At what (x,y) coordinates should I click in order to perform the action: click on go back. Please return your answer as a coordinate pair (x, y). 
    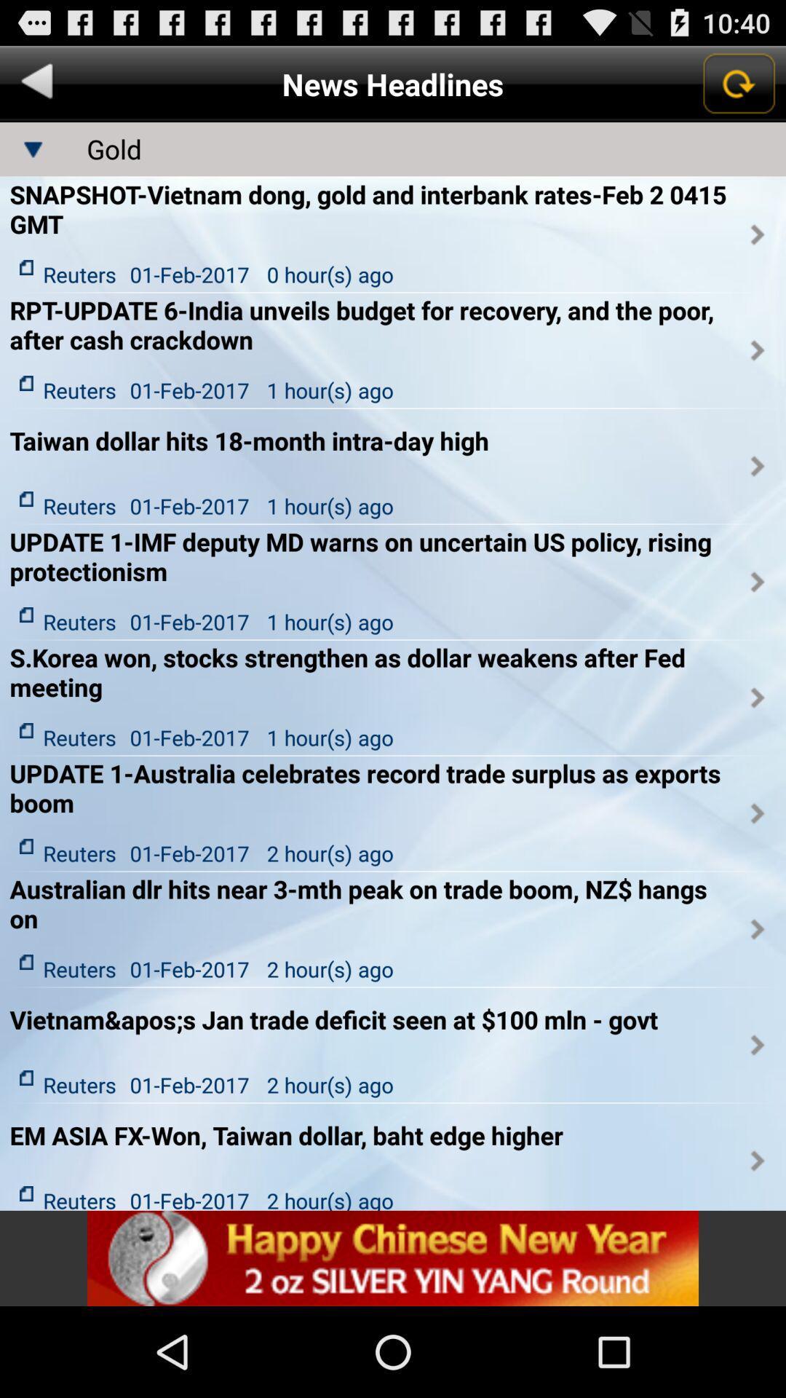
    Looking at the image, I should click on (36, 83).